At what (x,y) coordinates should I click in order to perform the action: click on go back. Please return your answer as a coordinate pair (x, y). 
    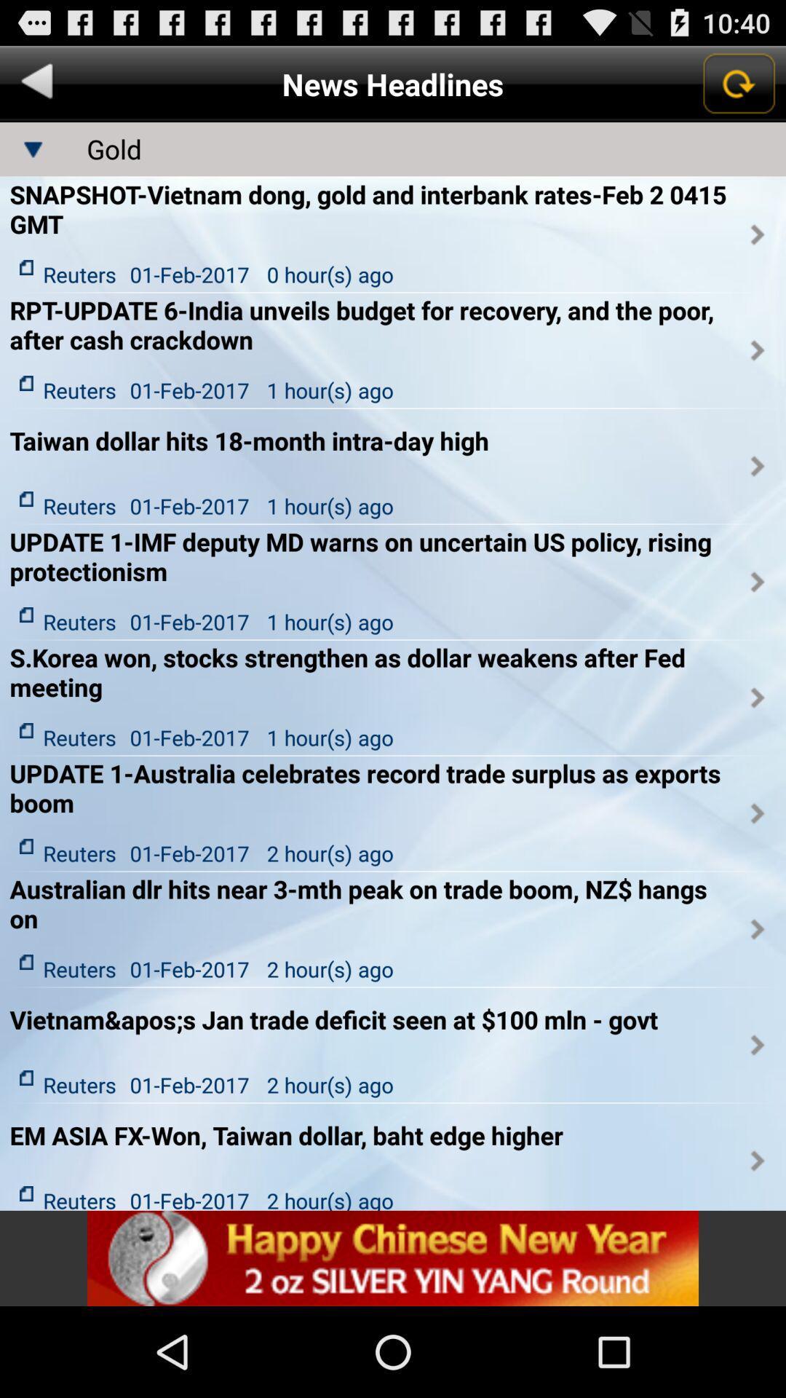
    Looking at the image, I should click on (36, 83).